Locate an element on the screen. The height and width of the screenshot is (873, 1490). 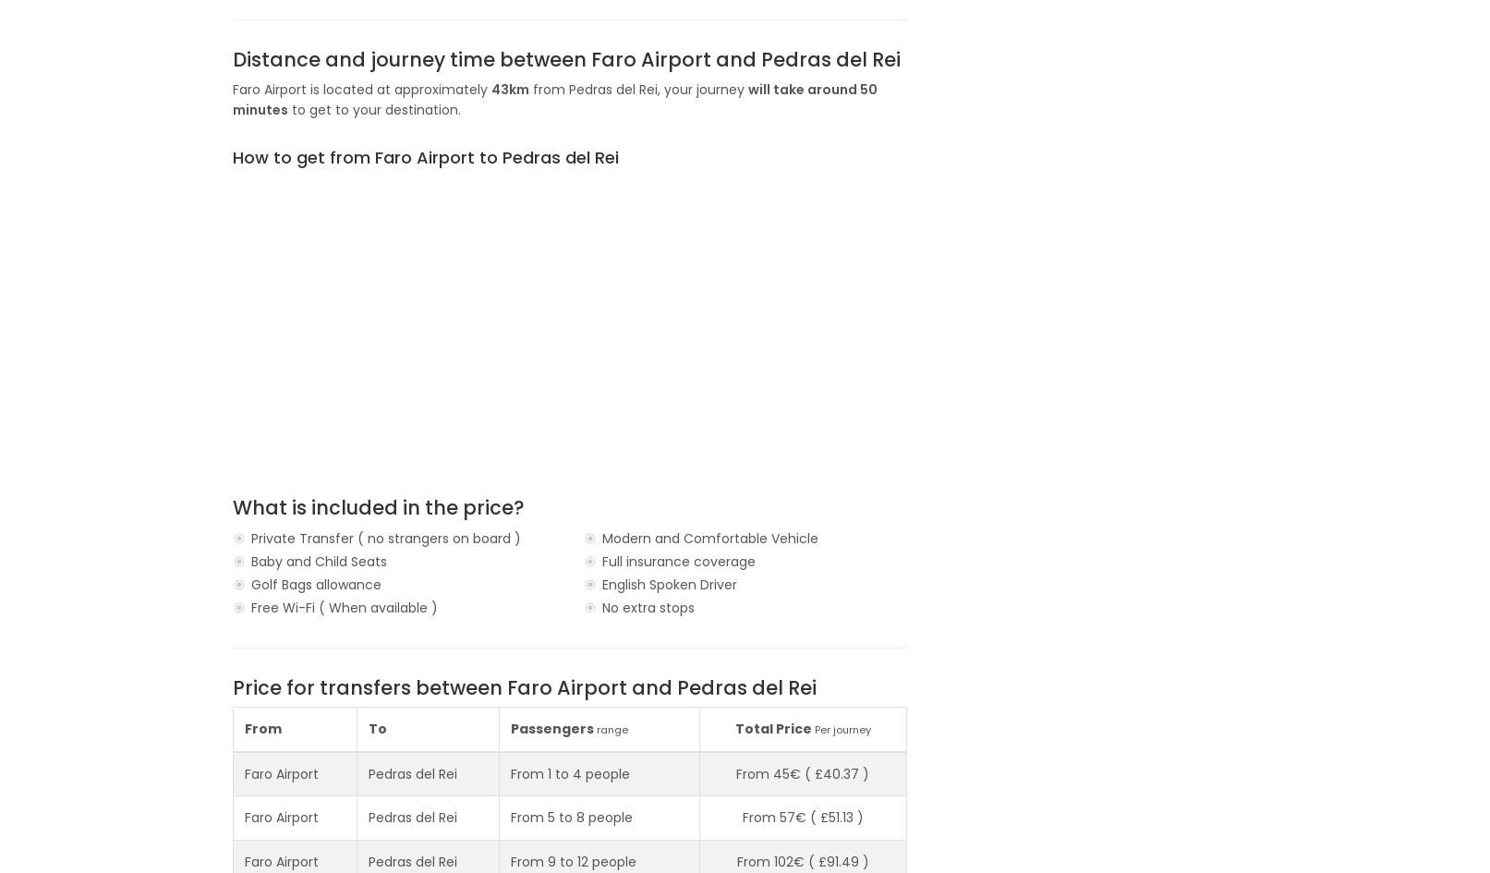
'to get to your destination.' is located at coordinates (372, 108).